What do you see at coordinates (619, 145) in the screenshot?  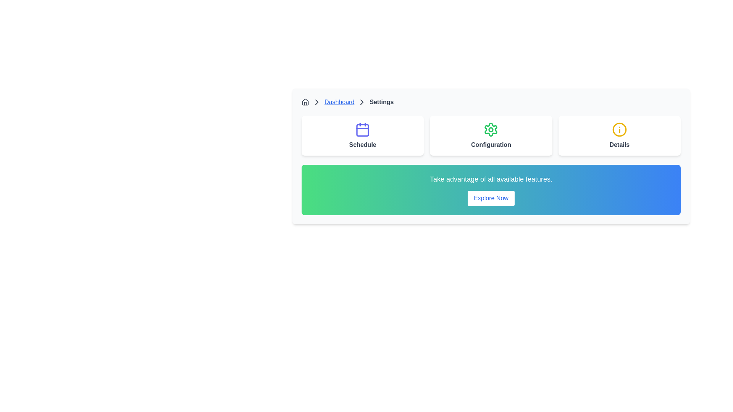 I see `'Details' text label displayed in bold gray font located in the top-right section of the interface, below the information icon` at bounding box center [619, 145].